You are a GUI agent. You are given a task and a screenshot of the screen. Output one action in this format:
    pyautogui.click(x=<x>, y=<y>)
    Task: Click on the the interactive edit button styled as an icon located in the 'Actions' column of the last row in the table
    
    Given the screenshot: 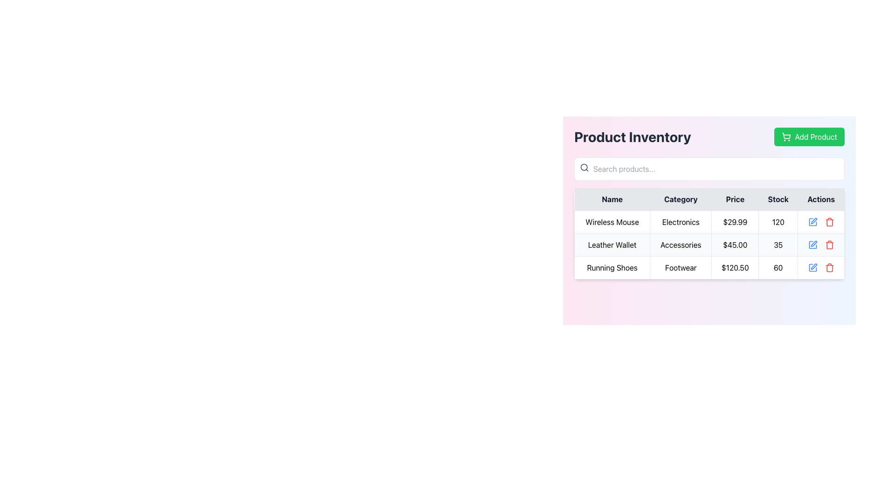 What is the action you would take?
    pyautogui.click(x=812, y=267)
    